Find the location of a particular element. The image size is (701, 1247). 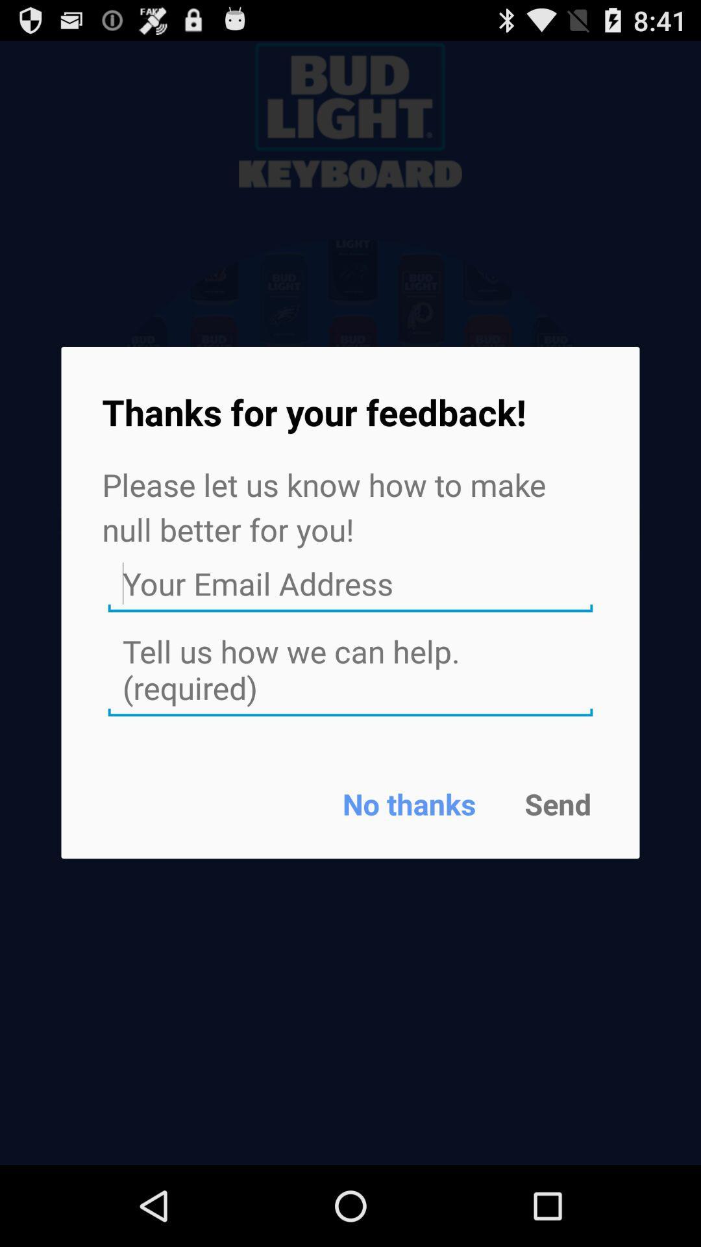

your email adress is located at coordinates (350, 583).